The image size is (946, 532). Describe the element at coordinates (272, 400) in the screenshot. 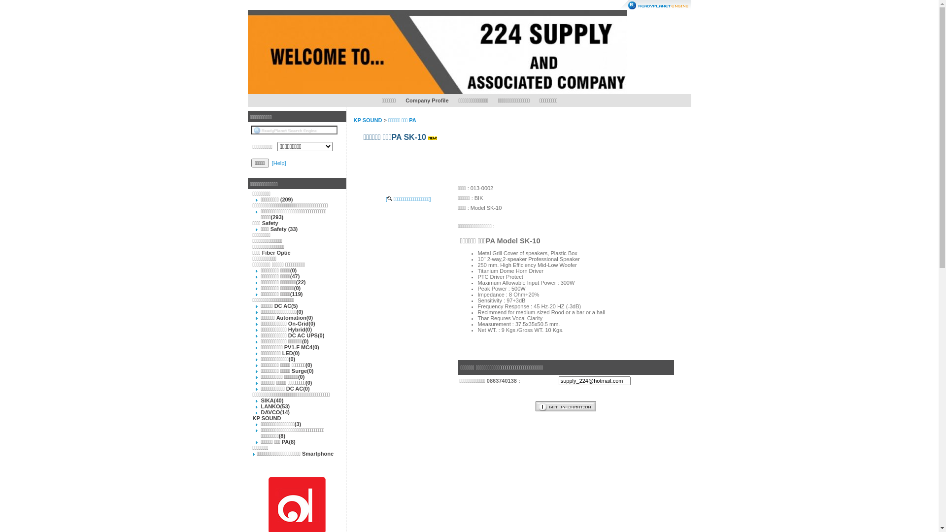

I see `'SIKA(40)'` at that location.